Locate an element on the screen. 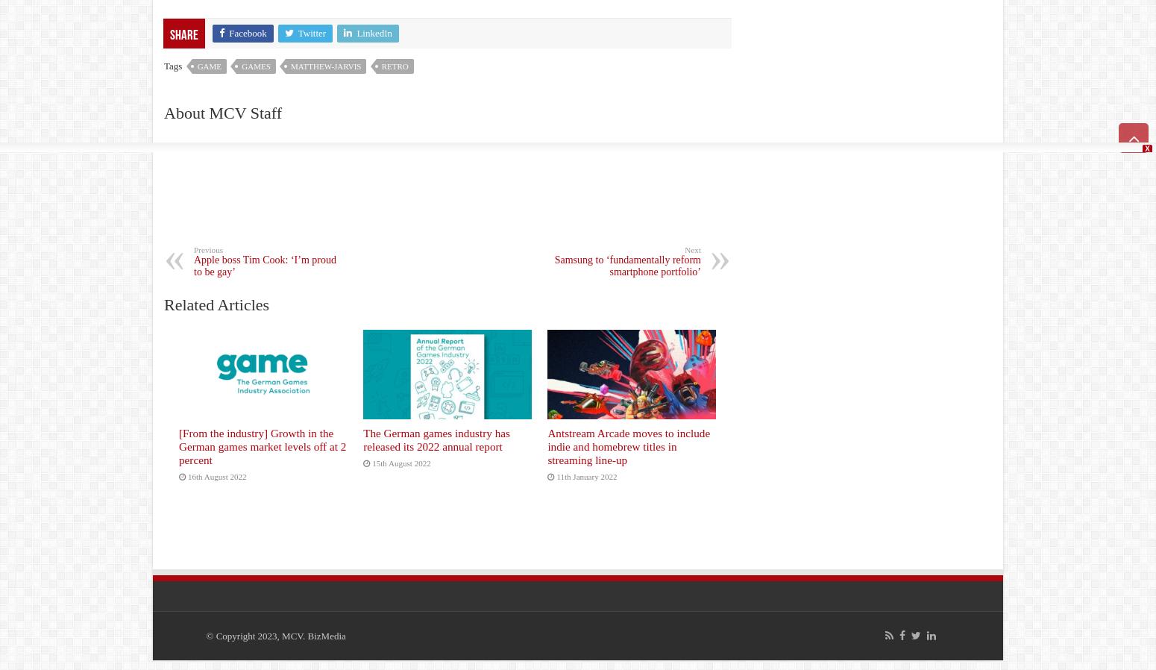 Image resolution: width=1156 pixels, height=670 pixels. 'retro' is located at coordinates (394, 65).